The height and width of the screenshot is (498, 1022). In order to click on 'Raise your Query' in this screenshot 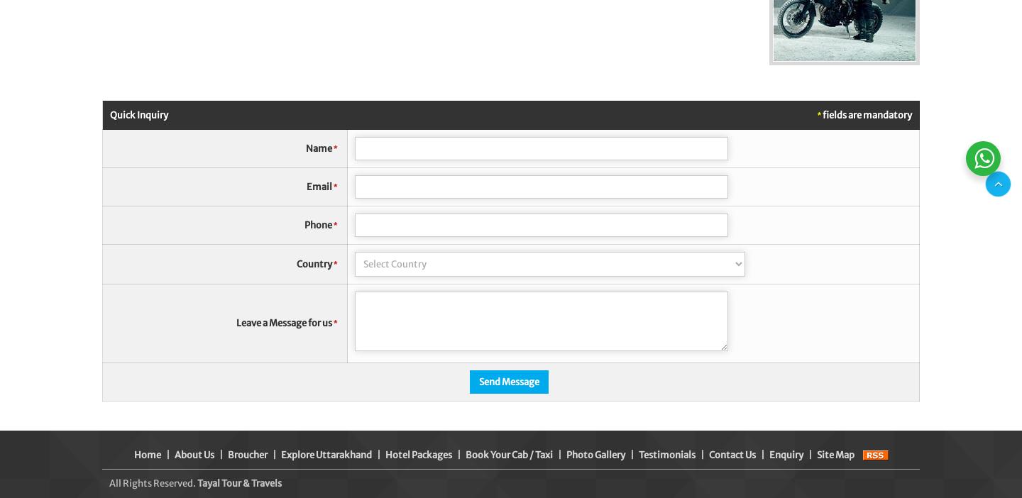, I will do `click(800, 43)`.